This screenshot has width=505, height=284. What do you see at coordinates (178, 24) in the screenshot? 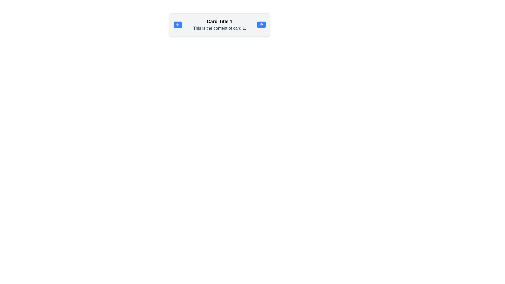
I see `the leftmost button with a blue background and white left-pointing arrow to check for a context menu` at bounding box center [178, 24].